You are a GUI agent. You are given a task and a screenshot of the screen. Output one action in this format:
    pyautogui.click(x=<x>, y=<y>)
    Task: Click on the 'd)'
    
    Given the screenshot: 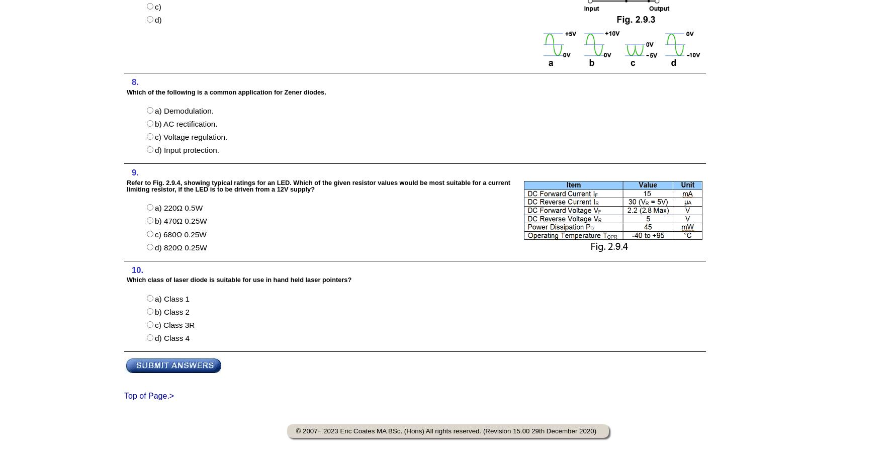 What is the action you would take?
    pyautogui.click(x=157, y=19)
    